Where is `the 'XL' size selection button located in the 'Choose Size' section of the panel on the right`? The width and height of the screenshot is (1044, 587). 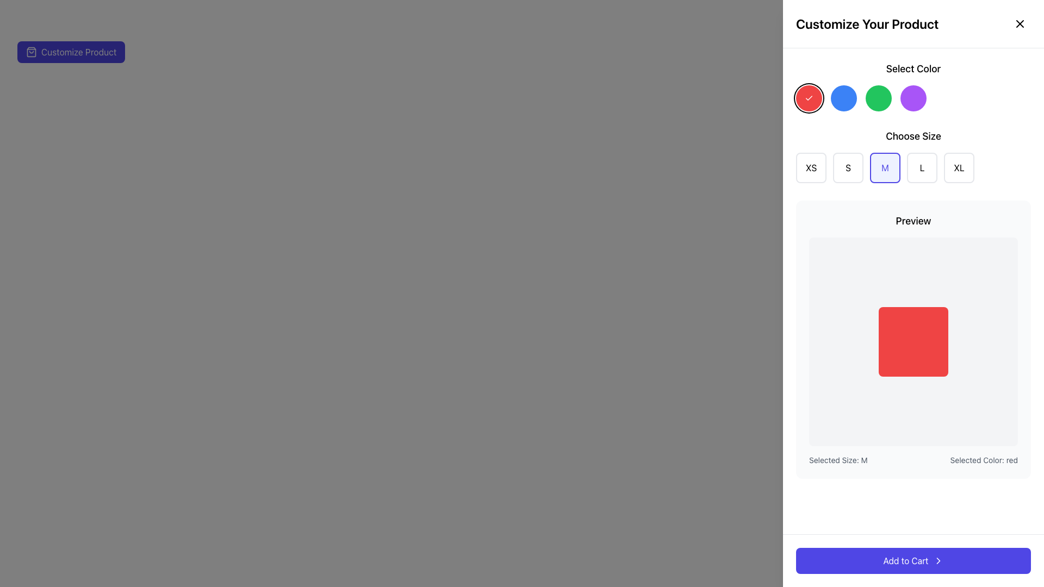 the 'XL' size selection button located in the 'Choose Size' section of the panel on the right is located at coordinates (959, 167).